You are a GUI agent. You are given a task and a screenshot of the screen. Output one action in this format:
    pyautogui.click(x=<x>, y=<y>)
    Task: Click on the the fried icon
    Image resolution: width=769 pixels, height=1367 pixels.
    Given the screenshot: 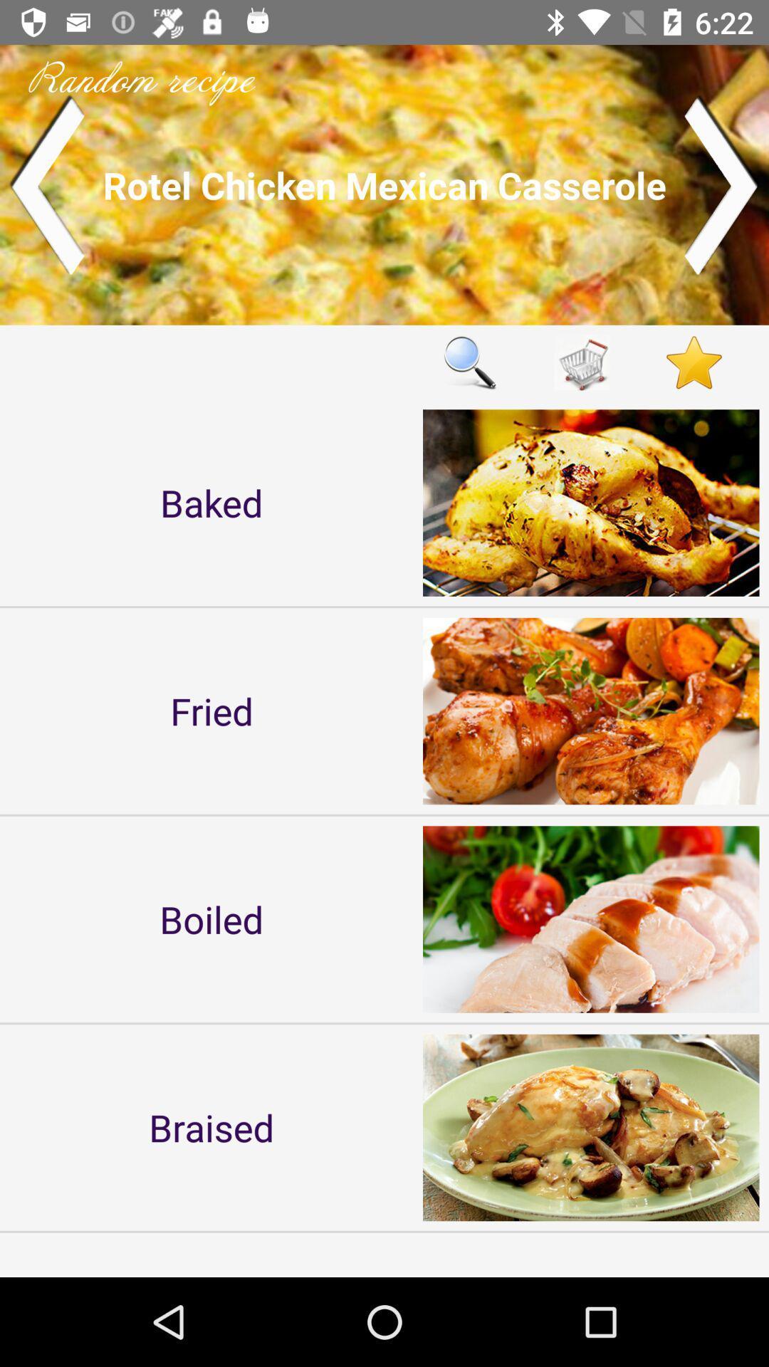 What is the action you would take?
    pyautogui.click(x=211, y=711)
    